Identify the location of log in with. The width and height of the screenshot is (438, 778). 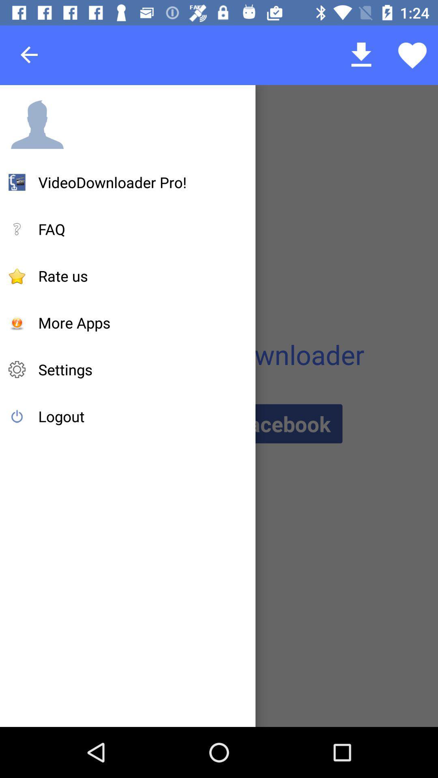
(218, 423).